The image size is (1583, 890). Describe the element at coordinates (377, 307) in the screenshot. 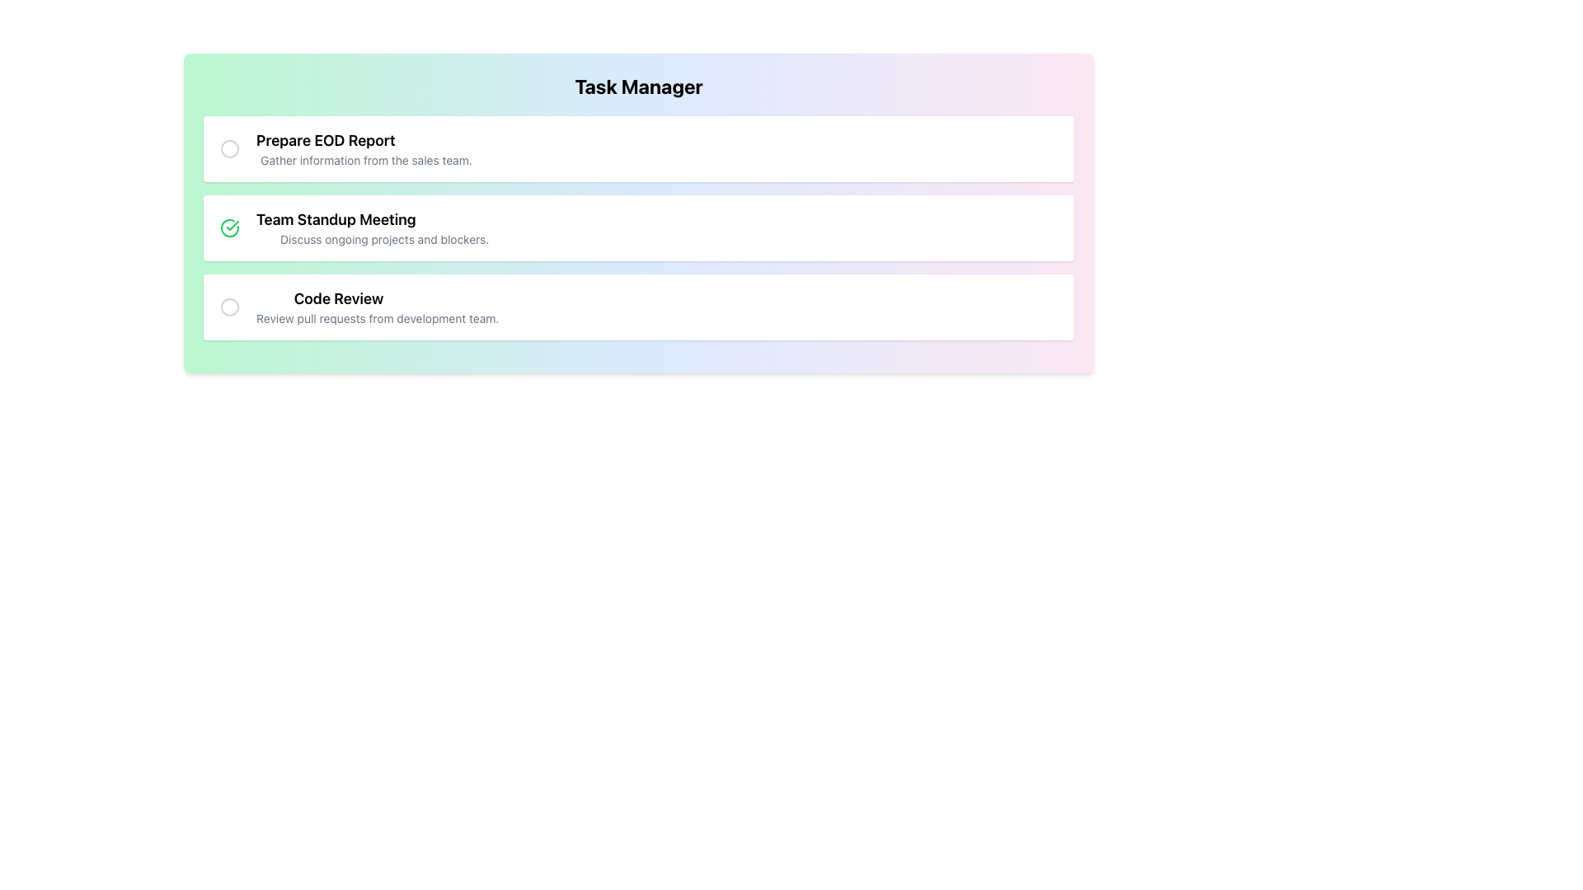

I see `to select or view details of the task list item titled 'Code Review' with low priority and the description 'Review pull requests from development team'` at that location.